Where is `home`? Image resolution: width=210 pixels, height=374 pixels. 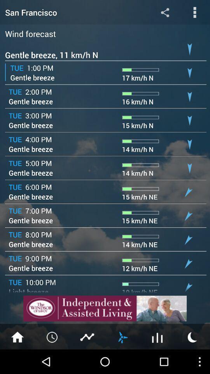 home is located at coordinates (17, 336).